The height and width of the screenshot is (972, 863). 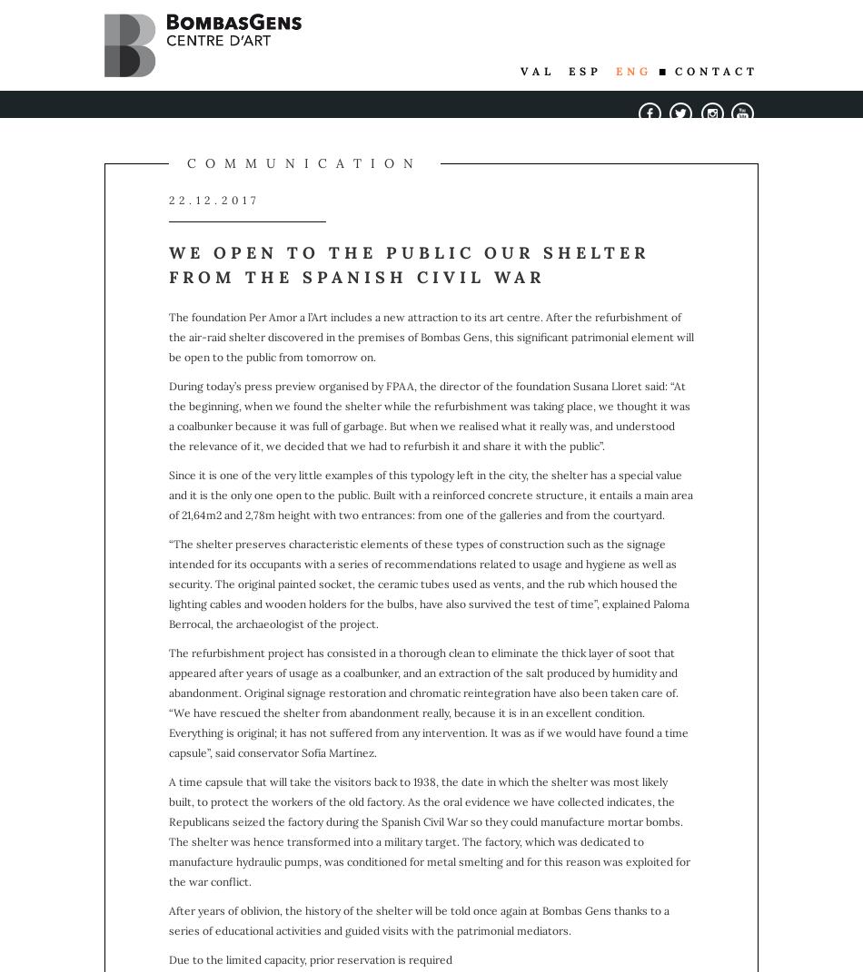 I want to click on 'The refurbishment project has consisted in a thorough clean to eliminate the thick layer of soot that appeared after years of usage as a coalbunker, and an extraction of the salt produced by humidity and abandonment. Original signage restoration and chromatic reintegration have also been taken care of. “We have rescued the shelter from abandonment really, because it is in an excellent condition. Everything is original; it has not suffered from any intervention. It was as if we would have found a time capsule”, said conservator Sofía Martínez.', so click(x=427, y=702).